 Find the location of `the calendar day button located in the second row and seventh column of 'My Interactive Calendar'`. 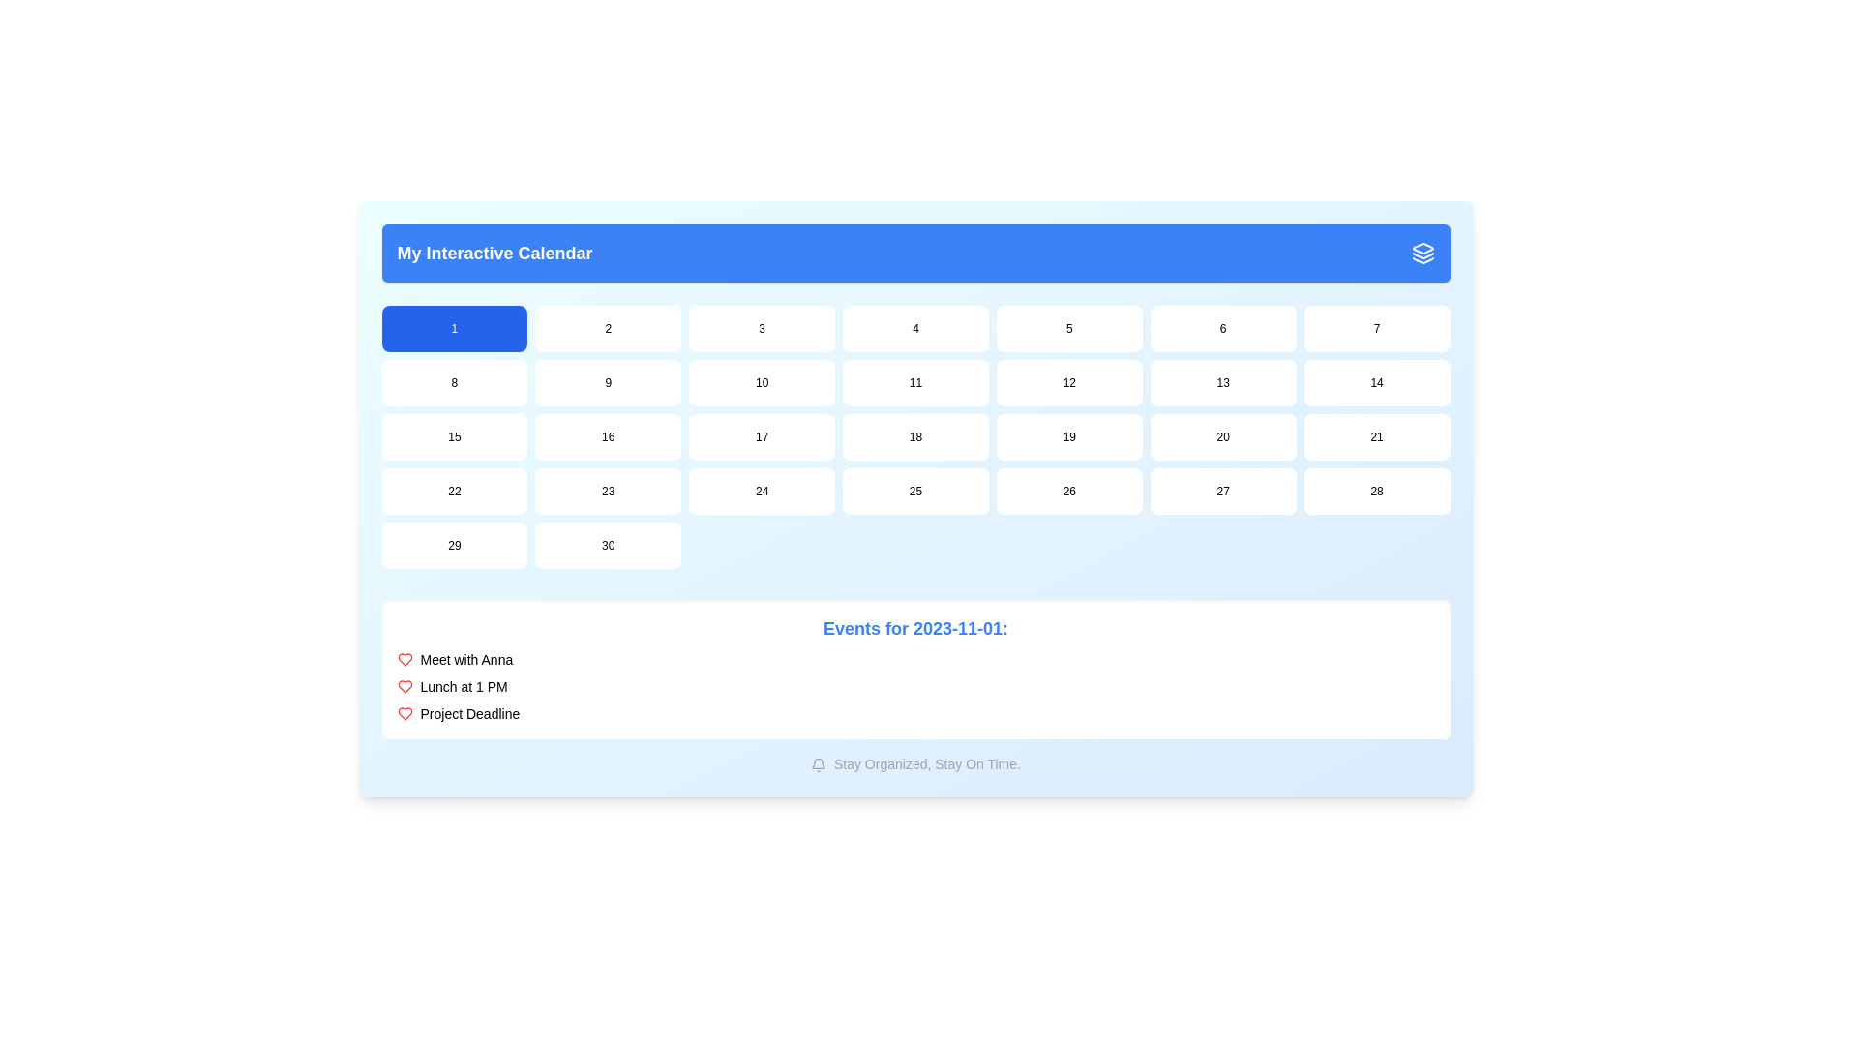

the calendar day button located in the second row and seventh column of 'My Interactive Calendar' is located at coordinates (1376, 383).